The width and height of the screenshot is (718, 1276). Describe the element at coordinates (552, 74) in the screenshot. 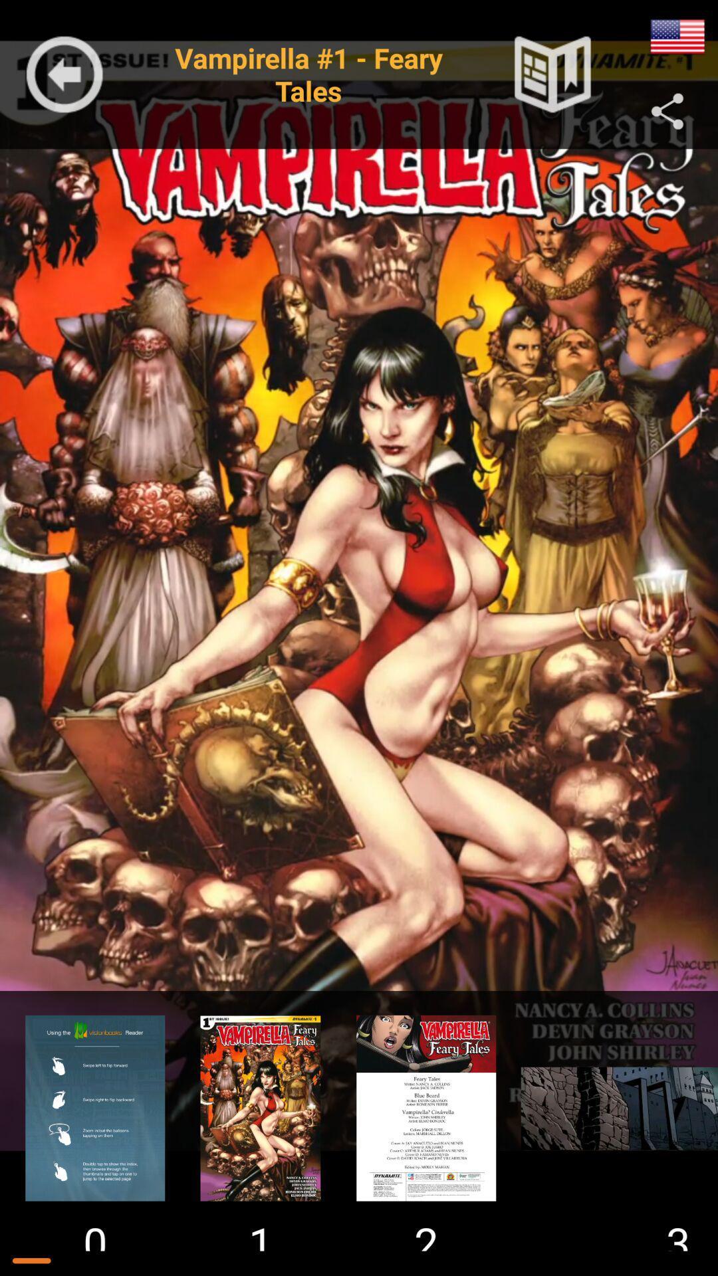

I see `bookmark this page` at that location.